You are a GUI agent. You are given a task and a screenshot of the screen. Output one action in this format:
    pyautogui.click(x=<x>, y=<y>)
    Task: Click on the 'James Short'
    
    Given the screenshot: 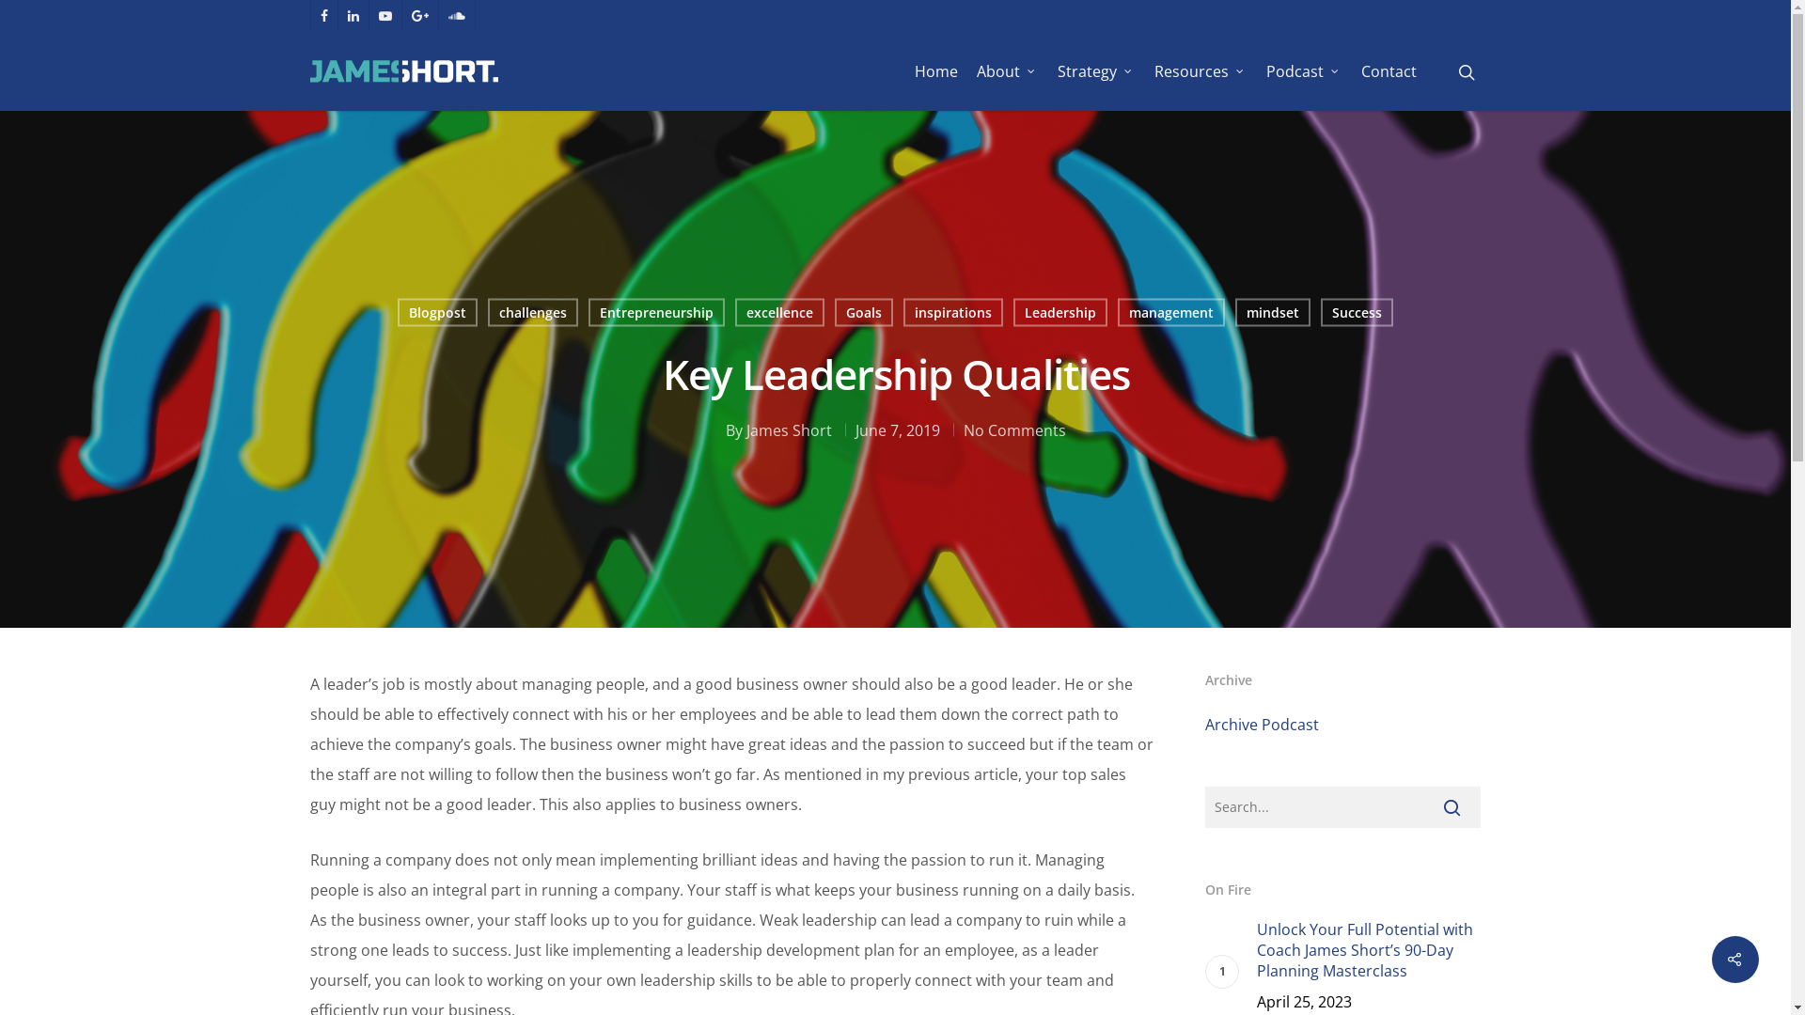 What is the action you would take?
    pyautogui.click(x=789, y=429)
    